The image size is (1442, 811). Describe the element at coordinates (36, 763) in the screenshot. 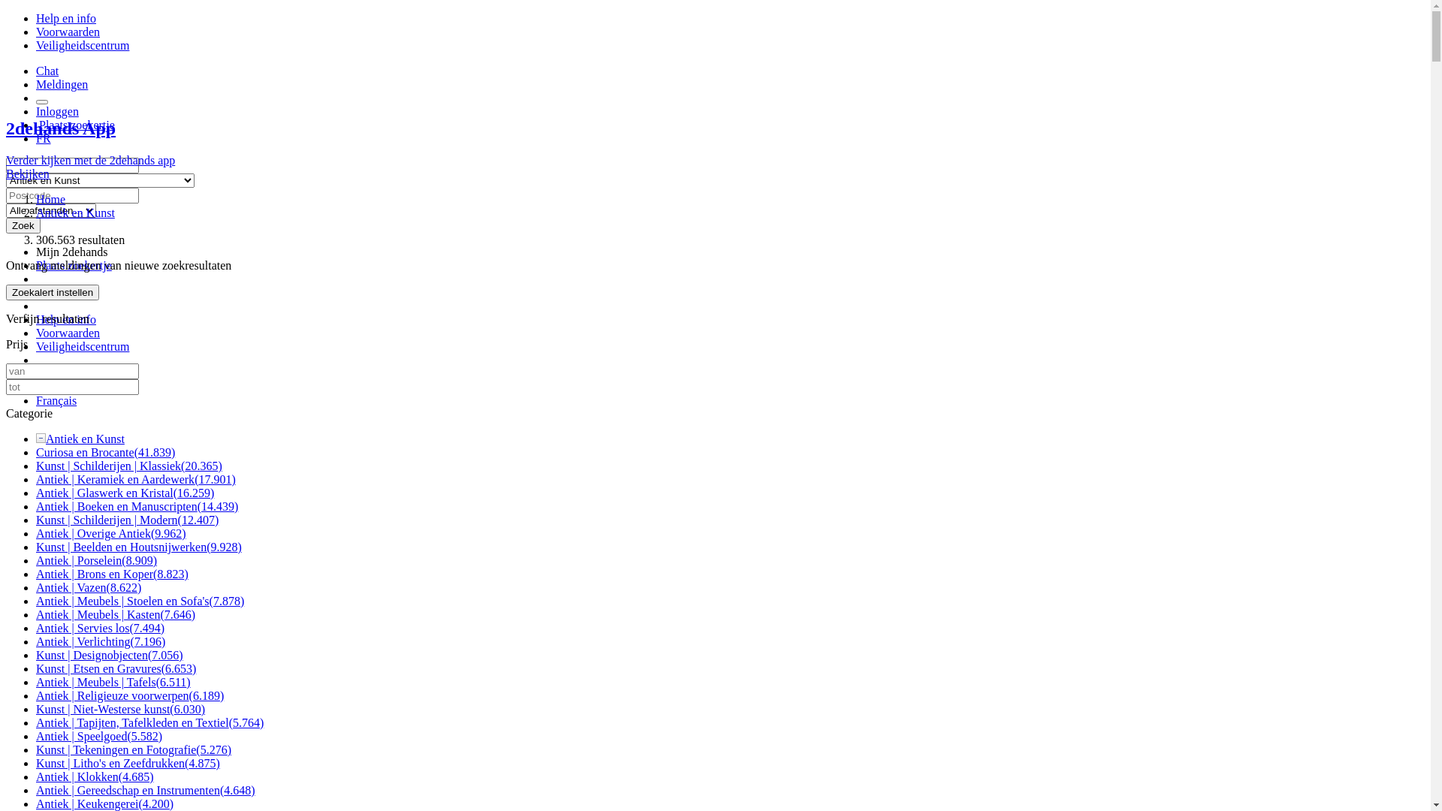

I see `'Kunst | Litho's en Zeefdrukken(4.875)'` at that location.